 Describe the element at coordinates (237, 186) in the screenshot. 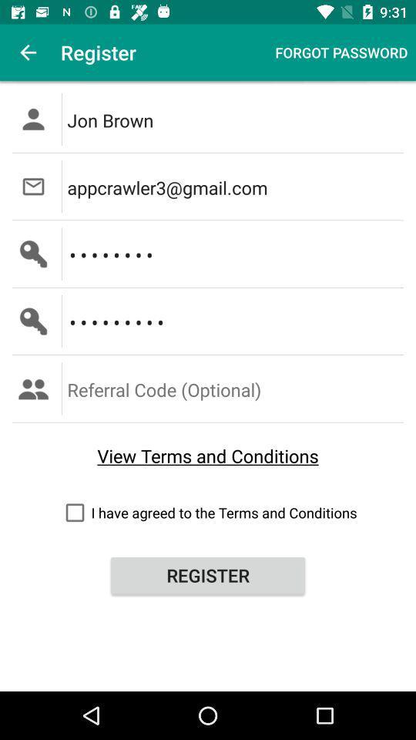

I see `the appcrawler3@gmail.com` at that location.